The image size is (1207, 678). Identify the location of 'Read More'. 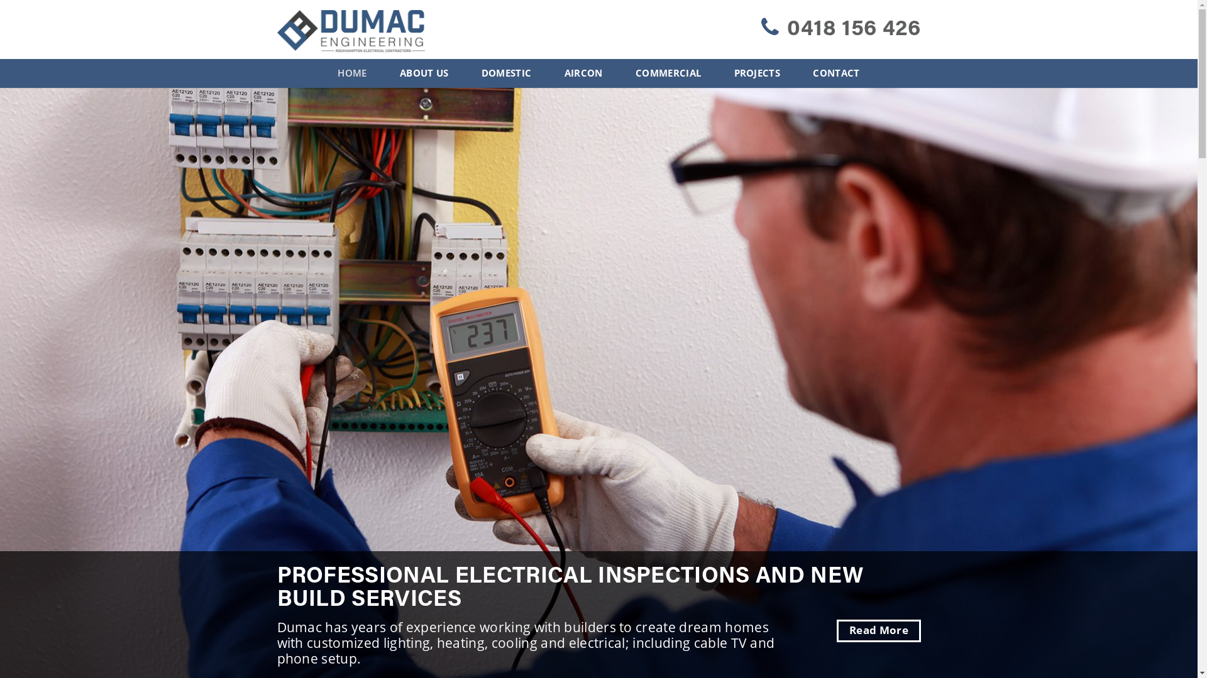
(878, 631).